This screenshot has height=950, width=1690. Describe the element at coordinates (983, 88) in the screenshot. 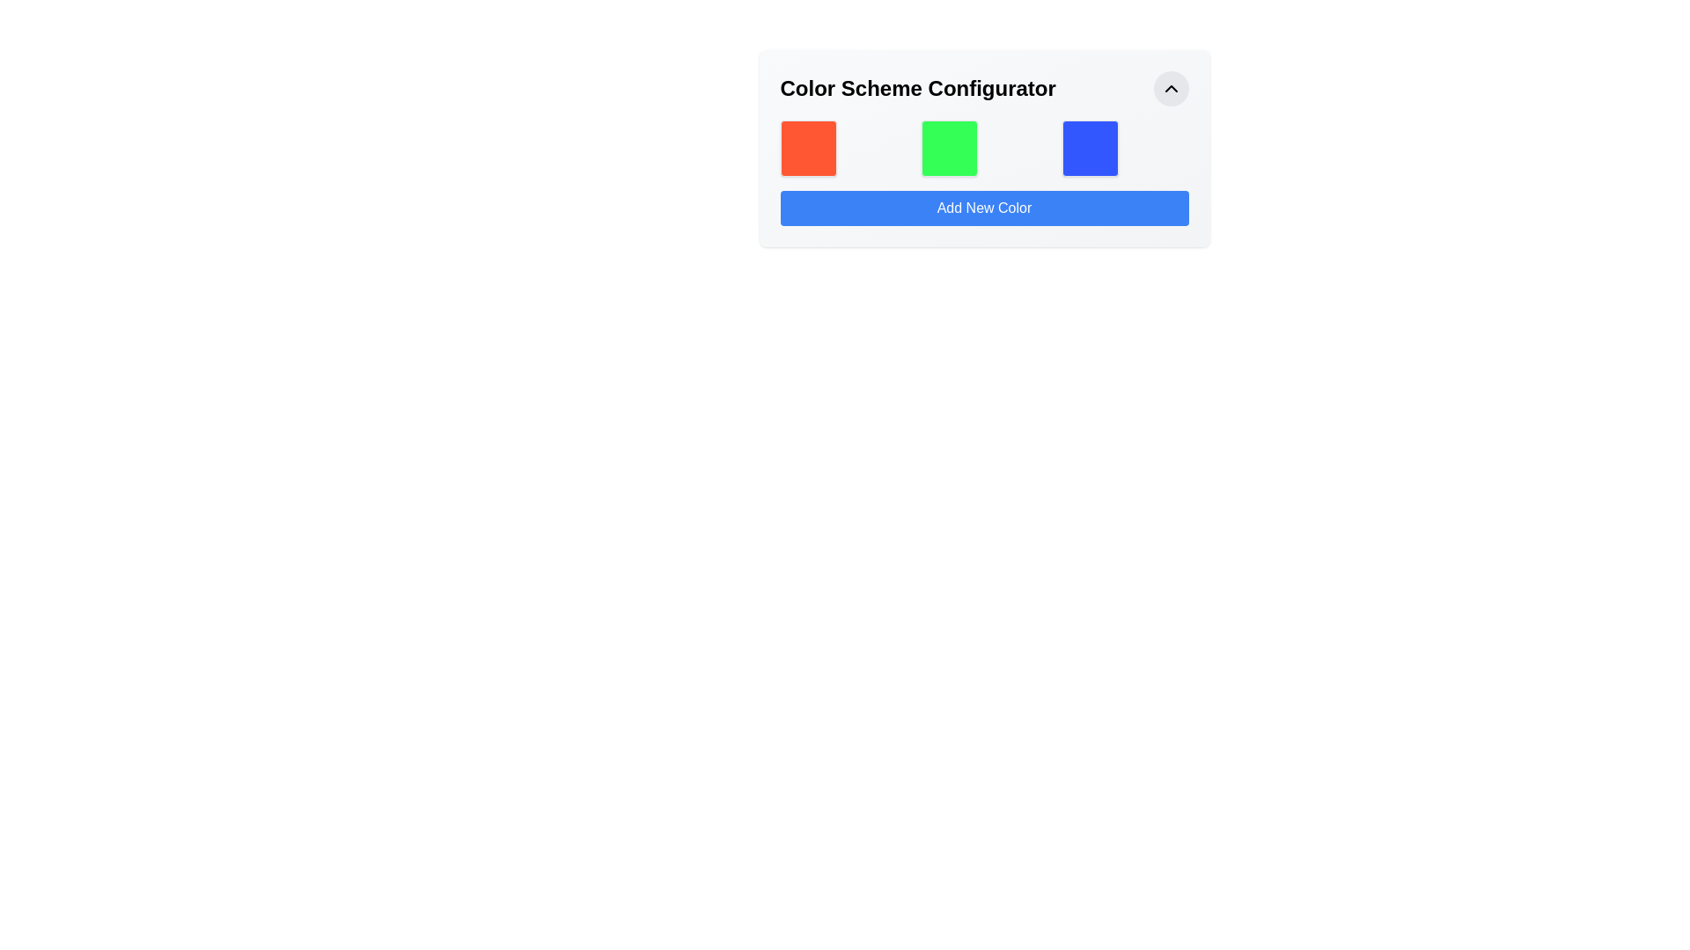

I see `text from the header element that indicates the purpose of the interface, which includes an interactive button for collapsing or expanding the section` at that location.